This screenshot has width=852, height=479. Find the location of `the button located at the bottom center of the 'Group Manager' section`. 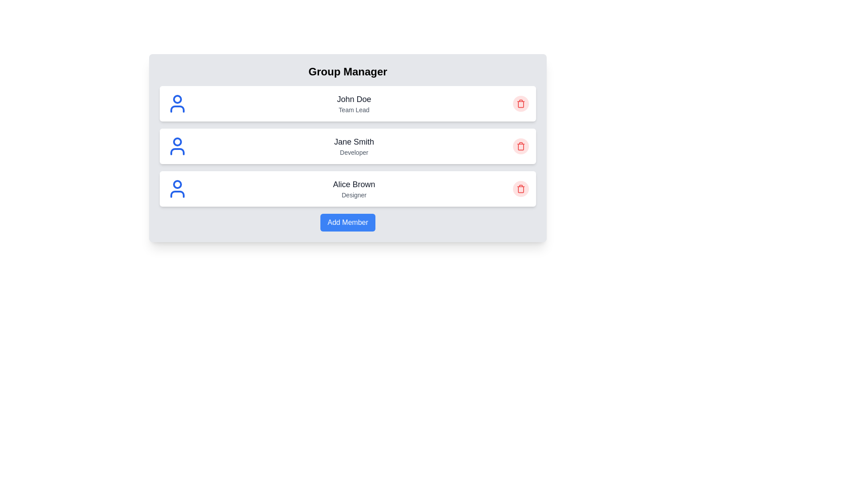

the button located at the bottom center of the 'Group Manager' section is located at coordinates (347, 222).